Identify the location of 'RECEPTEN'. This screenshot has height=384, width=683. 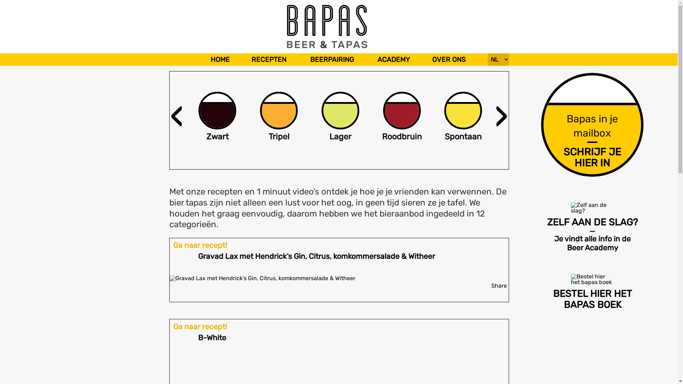
(268, 59).